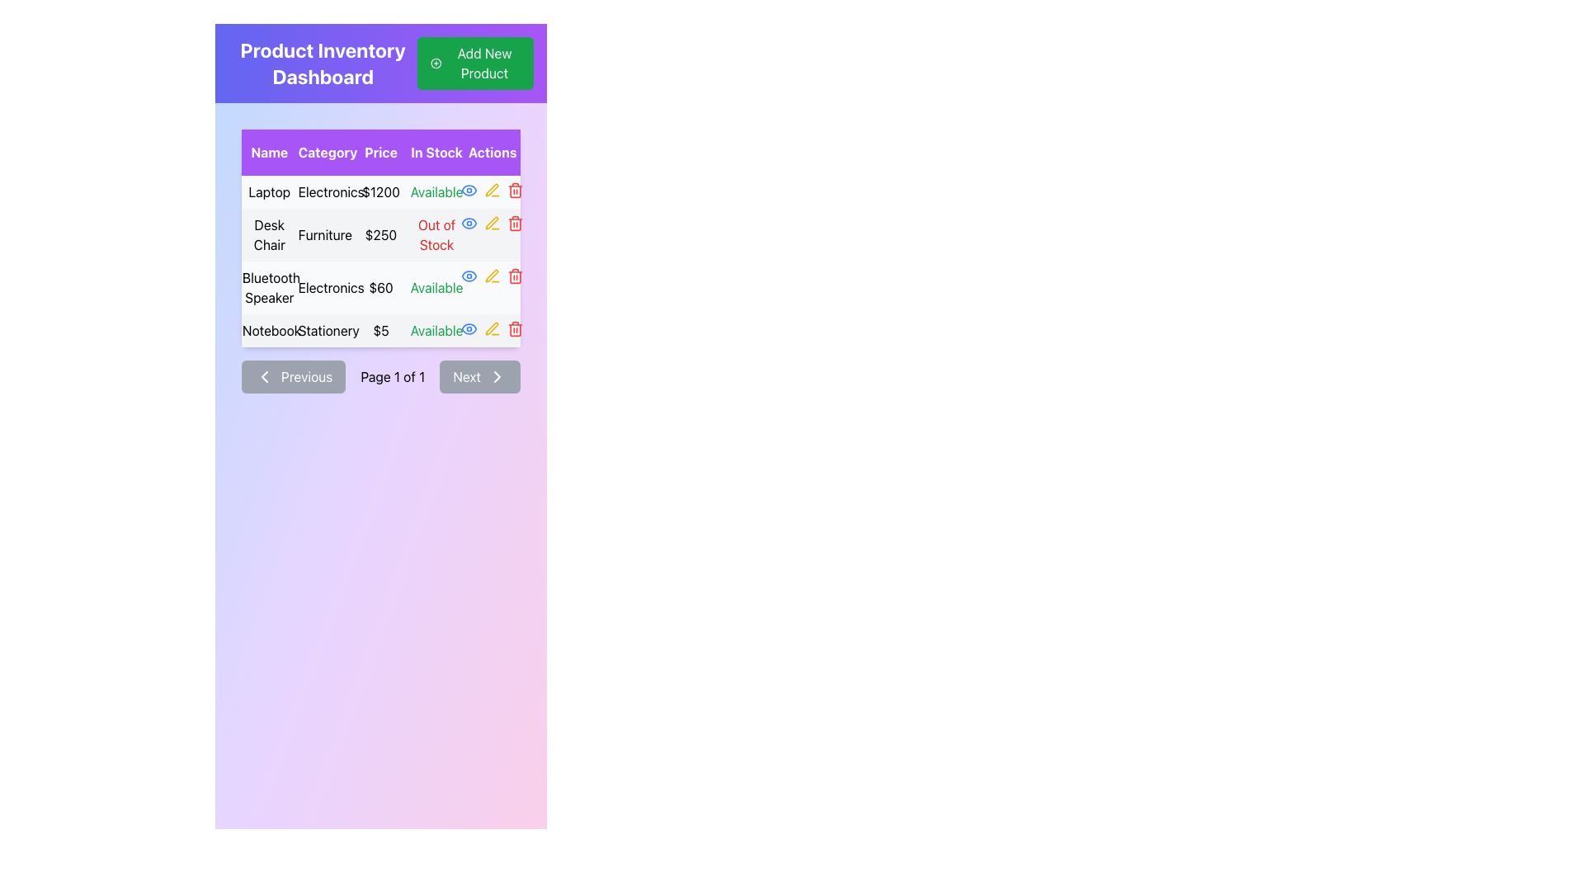 The image size is (1584, 891). I want to click on the eye icon in the actions column of the Desk Chair product entry, so click(469, 190).